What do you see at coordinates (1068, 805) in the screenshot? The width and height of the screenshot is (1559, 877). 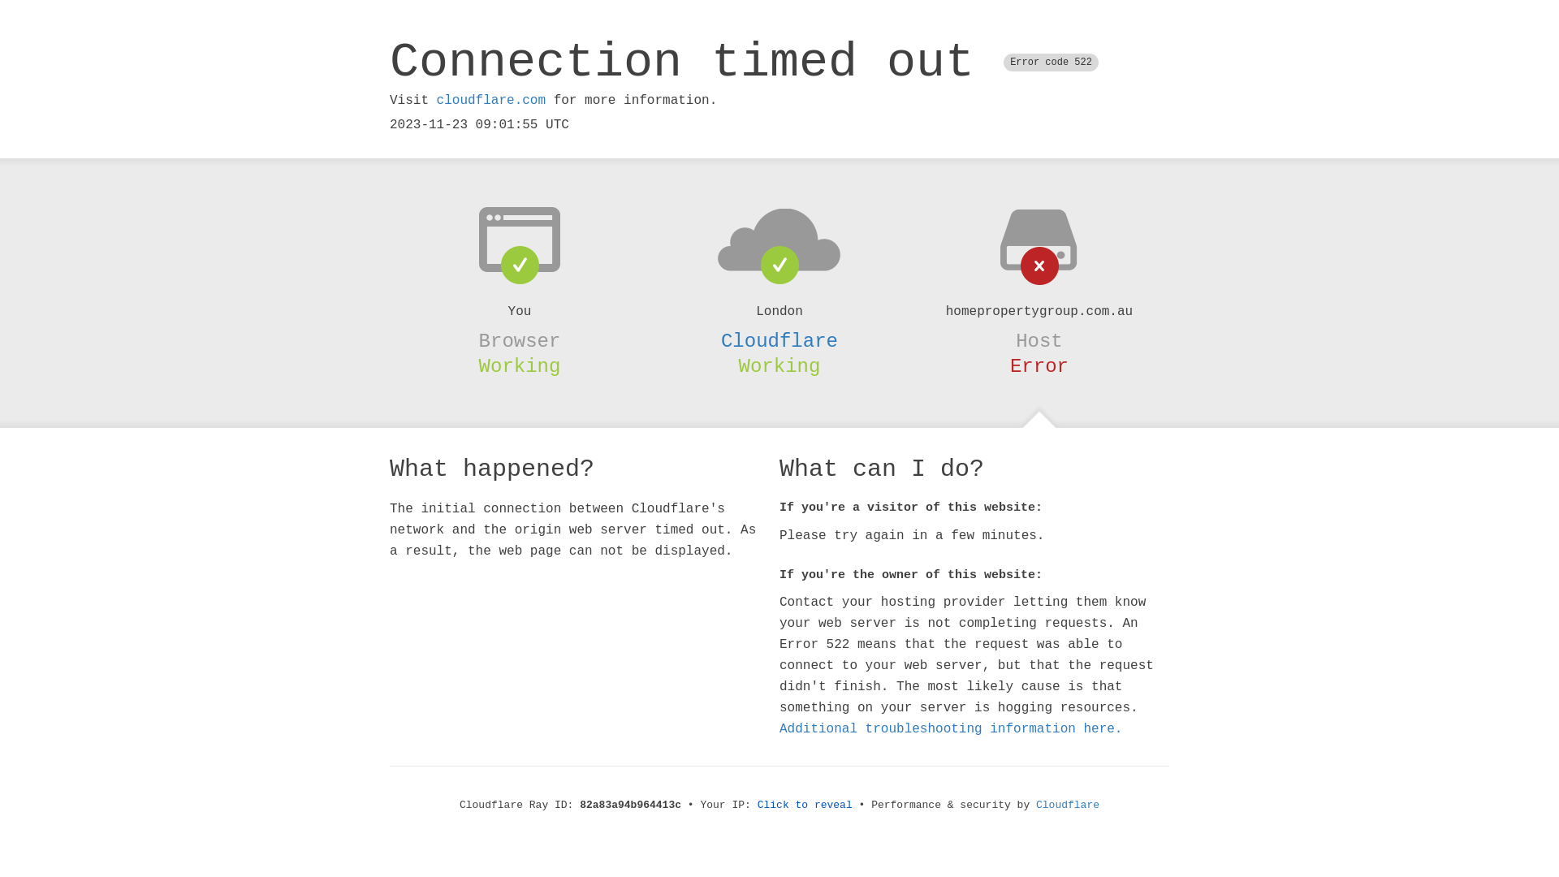 I see `'Cloudflare'` at bounding box center [1068, 805].